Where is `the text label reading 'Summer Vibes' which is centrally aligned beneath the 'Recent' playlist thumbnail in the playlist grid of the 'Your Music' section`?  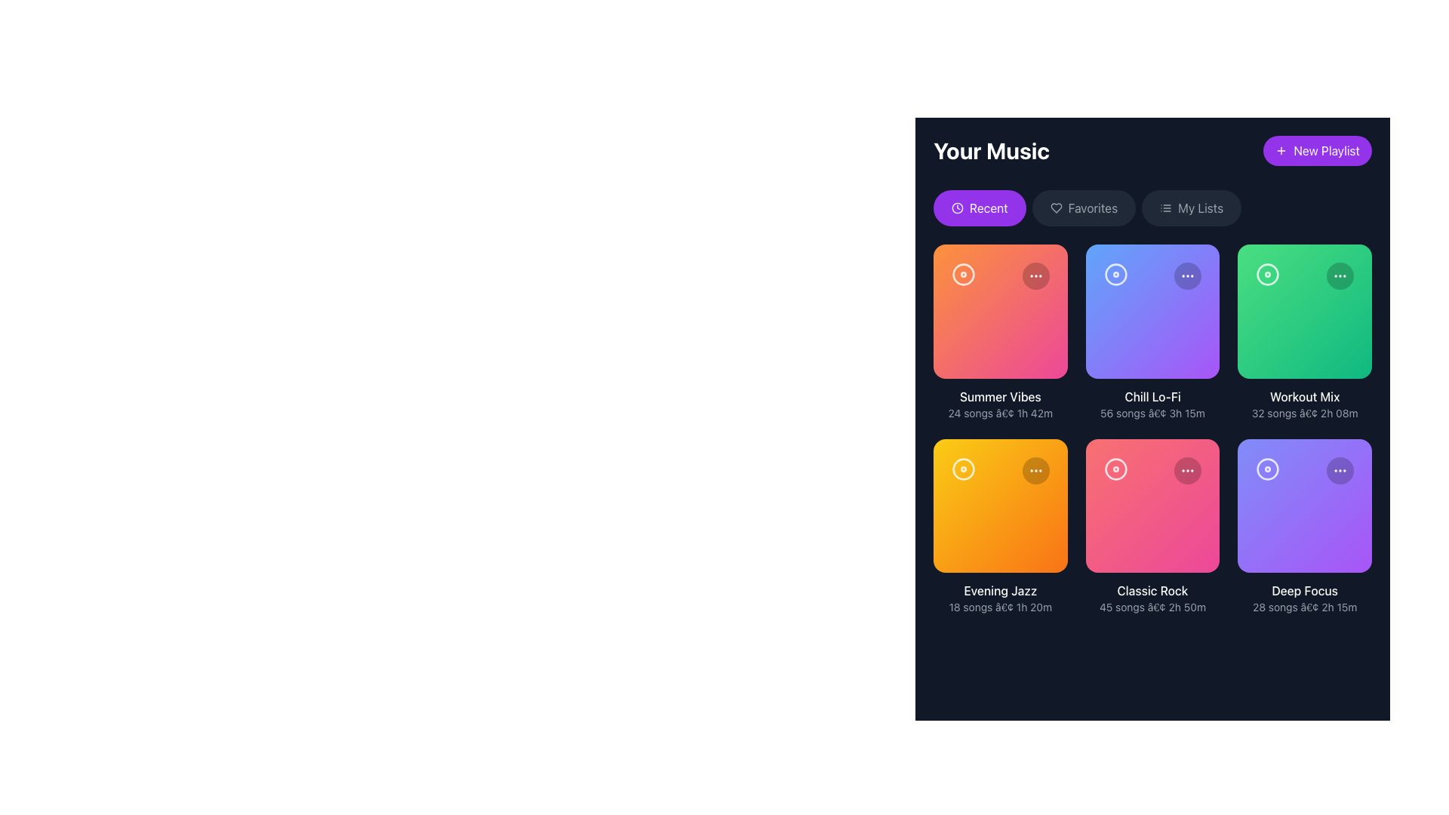 the text label reading 'Summer Vibes' which is centrally aligned beneath the 'Recent' playlist thumbnail in the playlist grid of the 'Your Music' section is located at coordinates (1000, 395).